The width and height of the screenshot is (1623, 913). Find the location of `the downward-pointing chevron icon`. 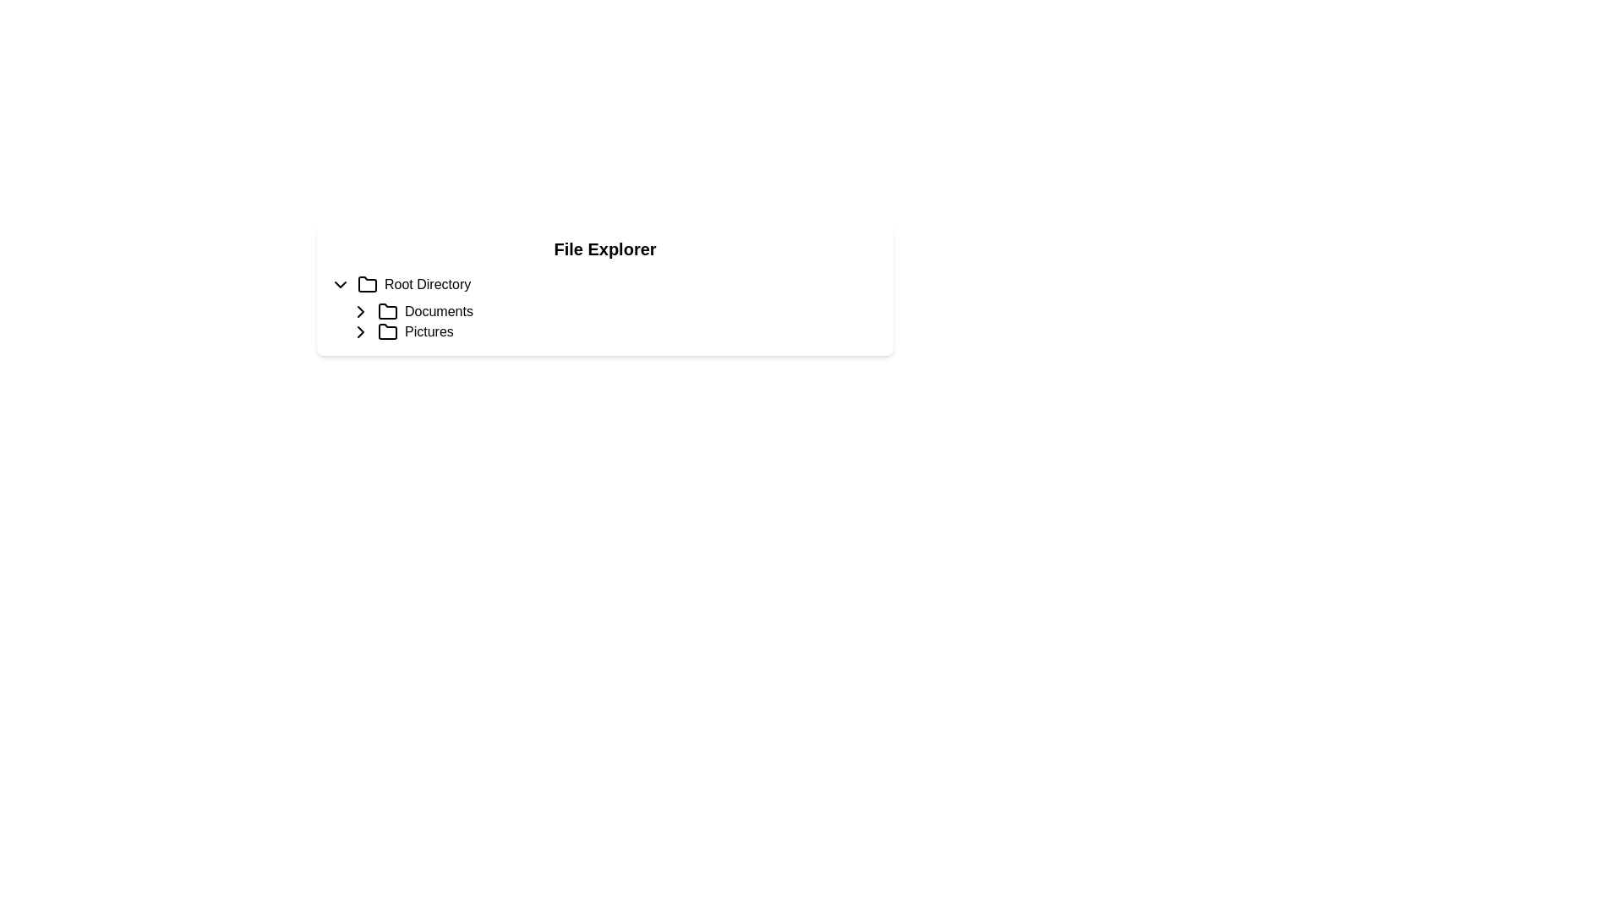

the downward-pointing chevron icon is located at coordinates (340, 283).